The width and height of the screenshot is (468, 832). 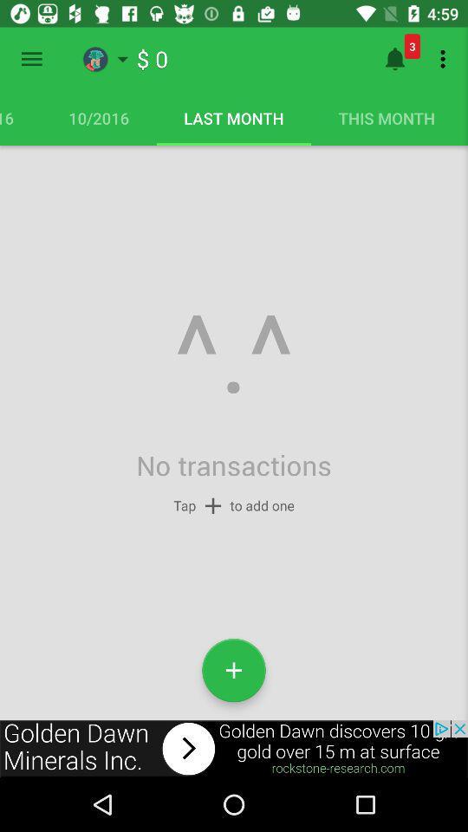 What do you see at coordinates (31, 59) in the screenshot?
I see `menu option` at bounding box center [31, 59].